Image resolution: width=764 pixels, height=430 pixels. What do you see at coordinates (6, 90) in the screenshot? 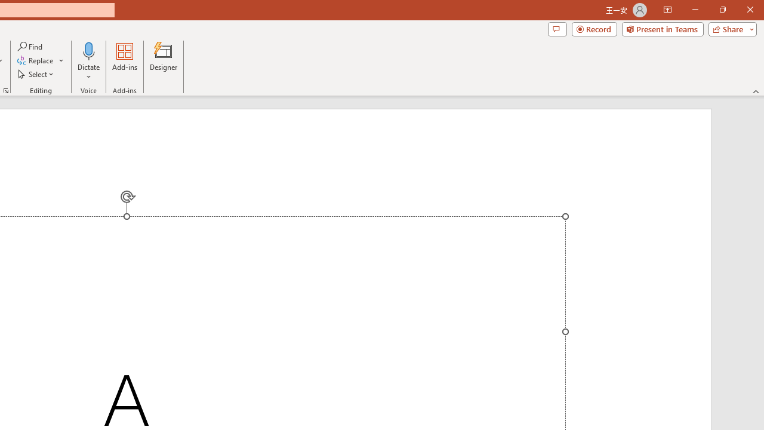
I see `'Format Object...'` at bounding box center [6, 90].